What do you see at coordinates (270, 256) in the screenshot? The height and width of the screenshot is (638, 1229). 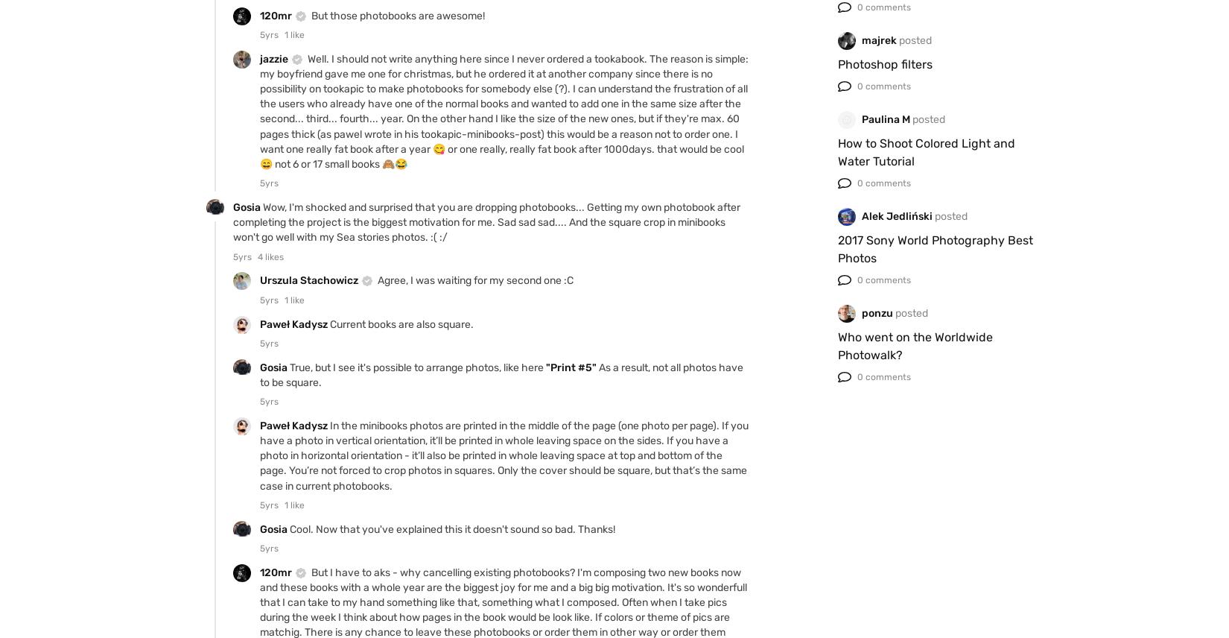 I see `'4 likes'` at bounding box center [270, 256].